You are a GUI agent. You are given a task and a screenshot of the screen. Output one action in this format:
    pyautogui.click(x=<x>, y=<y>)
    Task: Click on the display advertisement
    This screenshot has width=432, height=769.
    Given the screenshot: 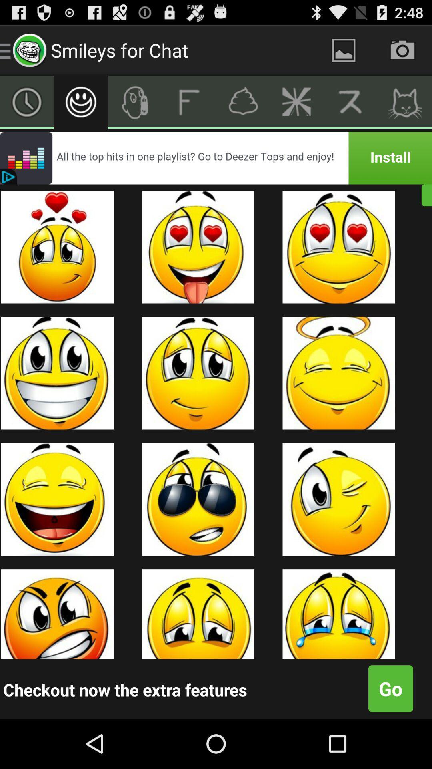 What is the action you would take?
    pyautogui.click(x=216, y=158)
    